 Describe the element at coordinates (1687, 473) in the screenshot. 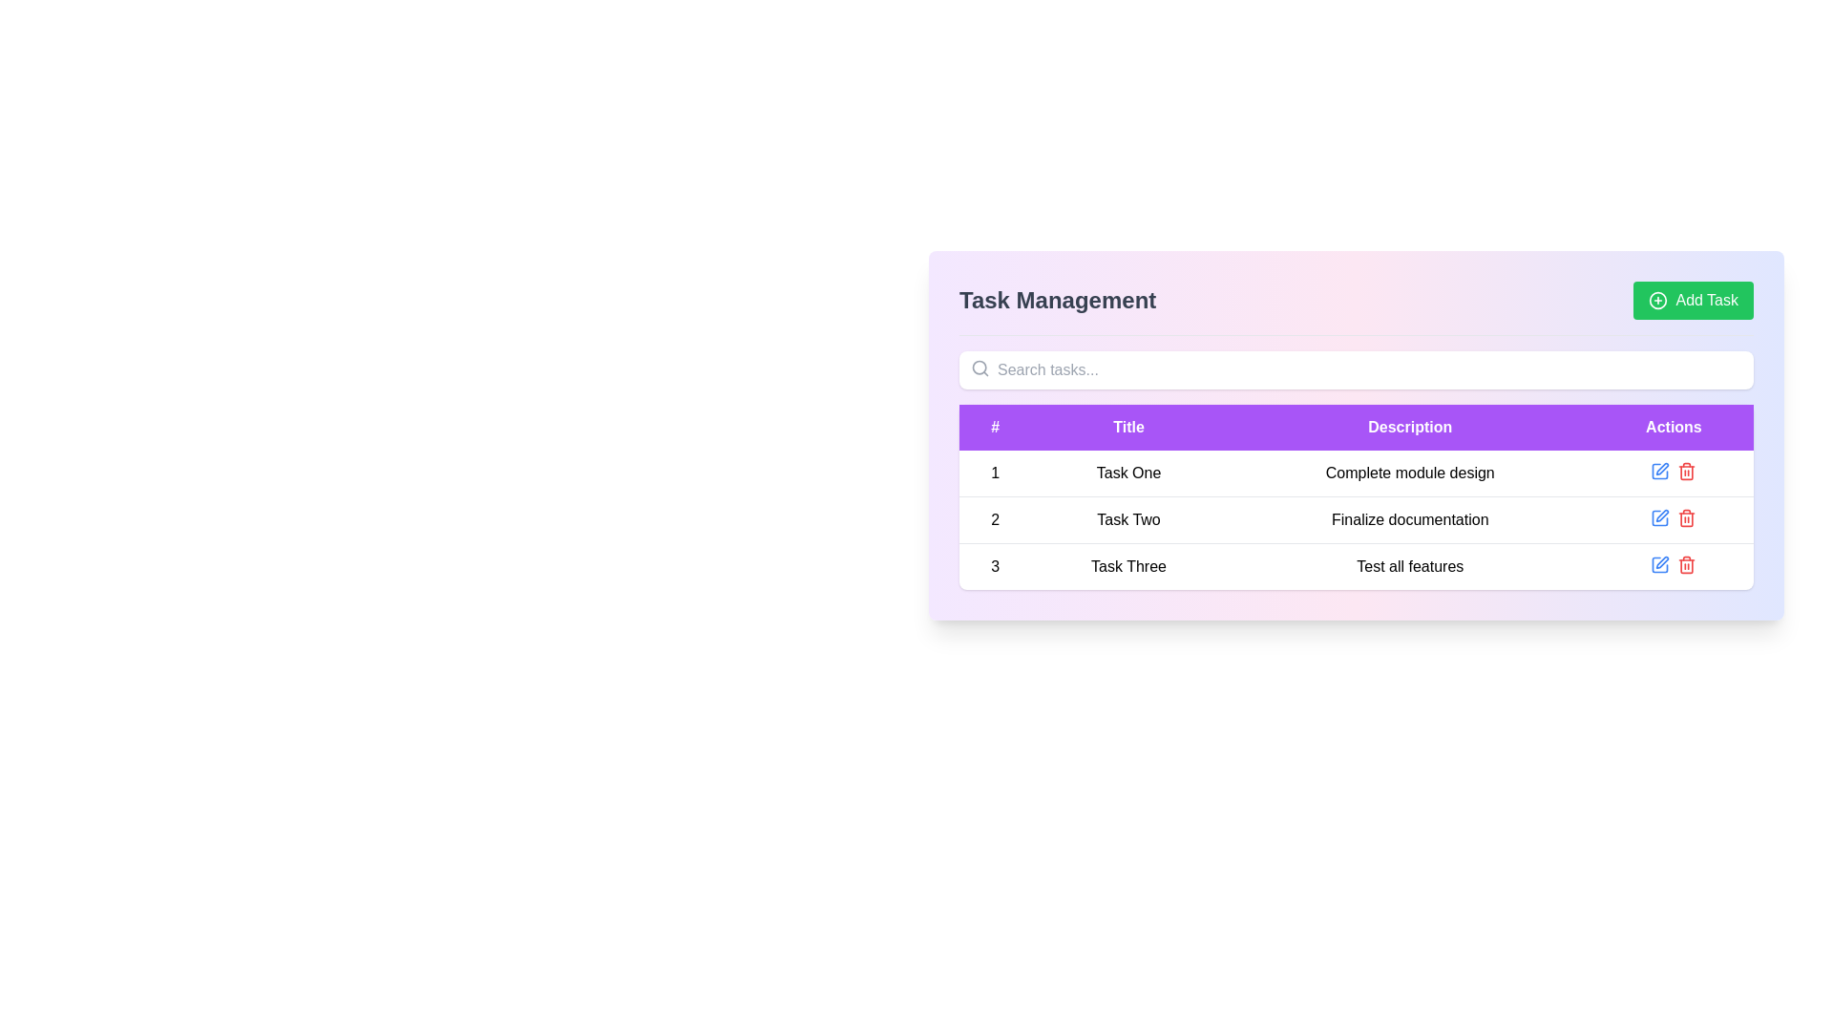

I see `the delete icon button located in the 'Actions' column for 'Task One' to initiate the task deletion process` at that location.